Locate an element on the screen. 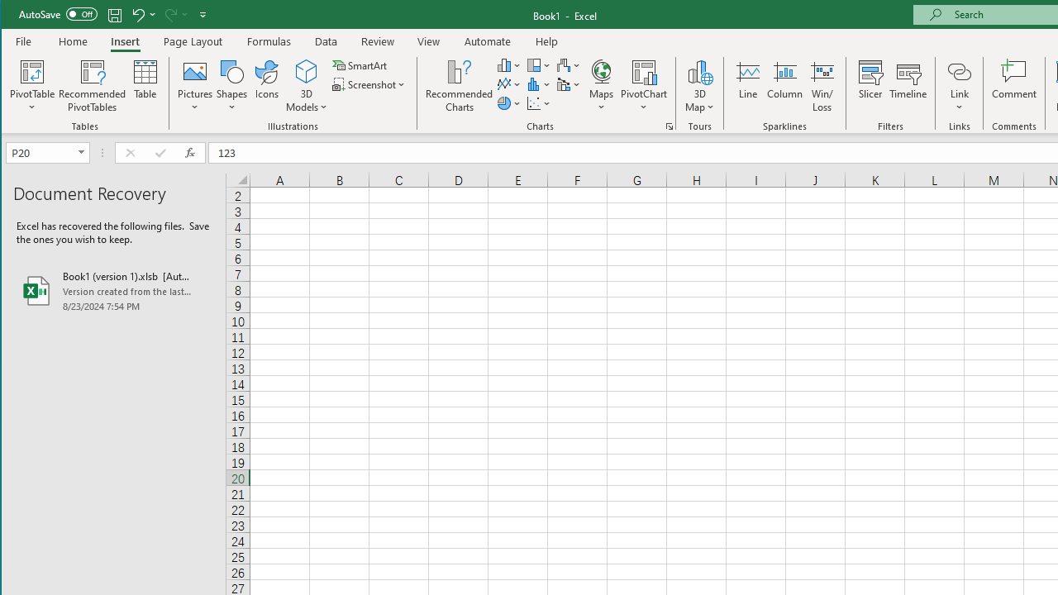  'Shapes' is located at coordinates (231, 86).